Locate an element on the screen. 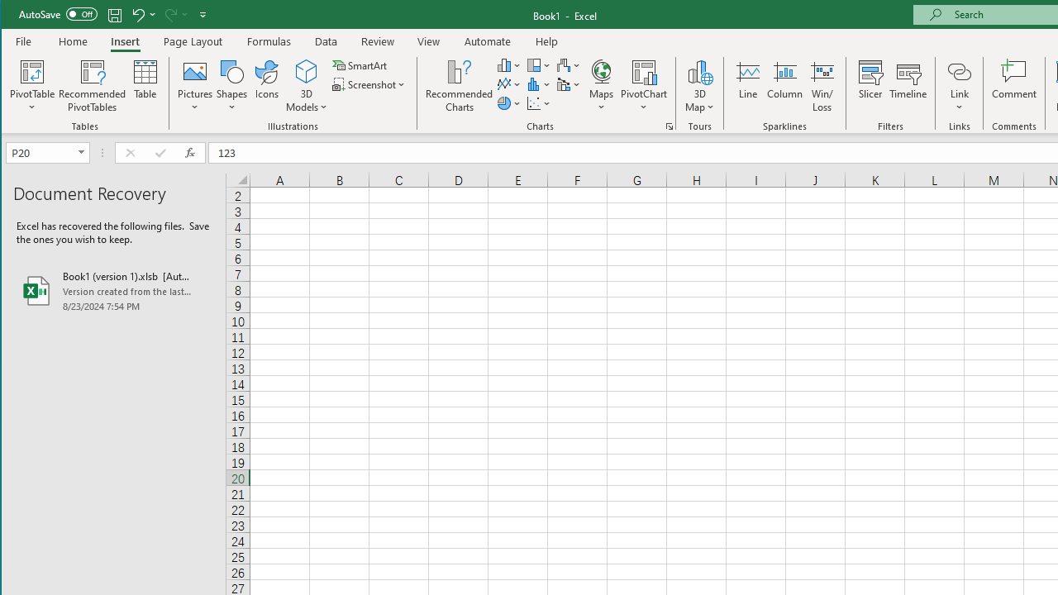  'Shapes' is located at coordinates (231, 86).